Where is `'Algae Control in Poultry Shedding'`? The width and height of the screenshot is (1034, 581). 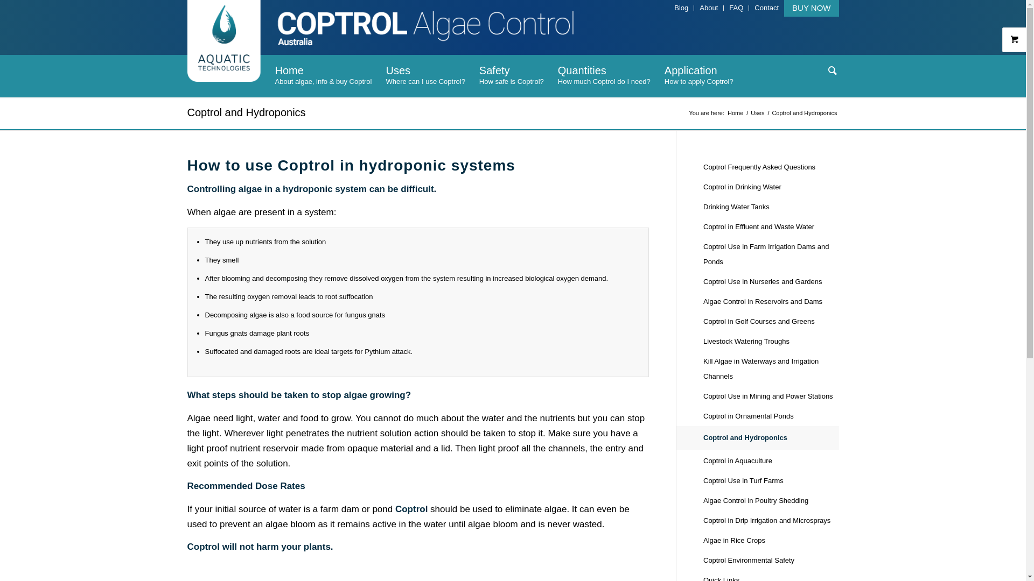
'Algae Control in Poultry Shedding' is located at coordinates (770, 501).